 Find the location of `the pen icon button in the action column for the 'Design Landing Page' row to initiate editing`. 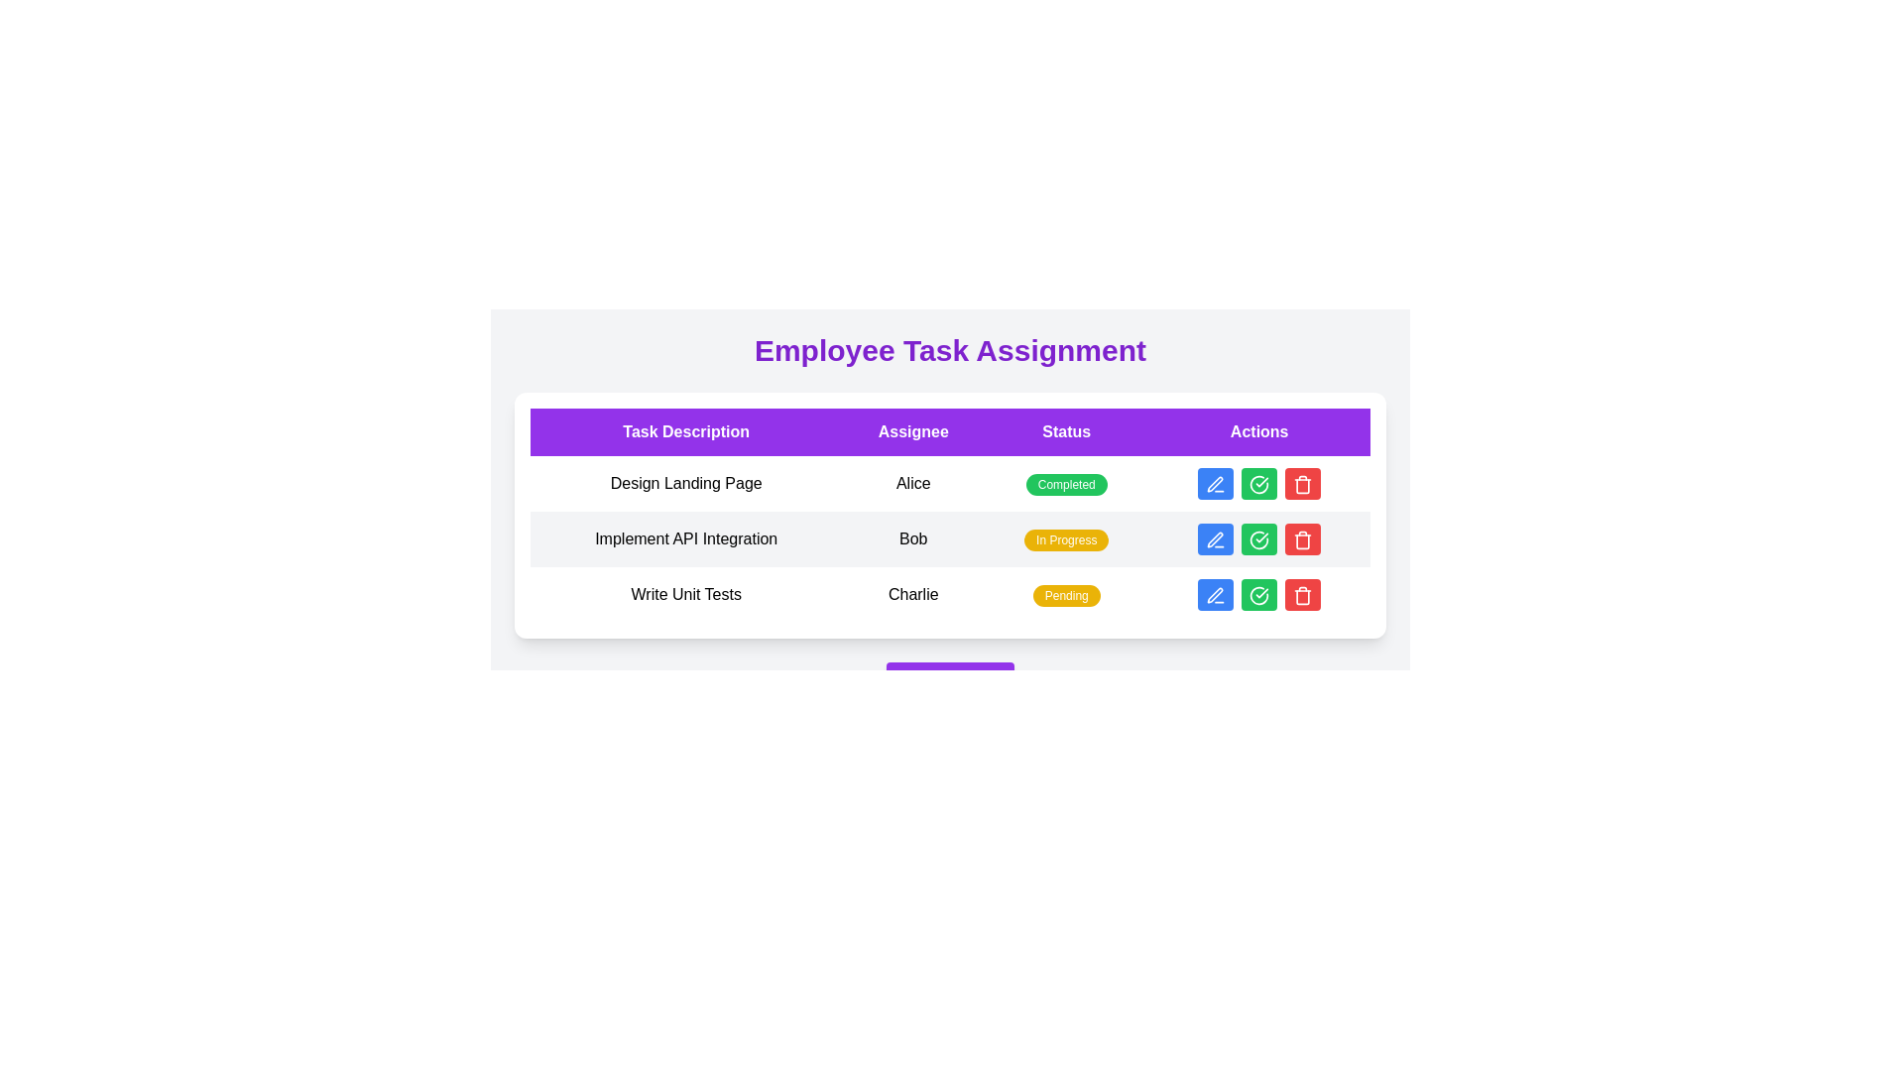

the pen icon button in the action column for the 'Design Landing Page' row to initiate editing is located at coordinates (1215, 484).